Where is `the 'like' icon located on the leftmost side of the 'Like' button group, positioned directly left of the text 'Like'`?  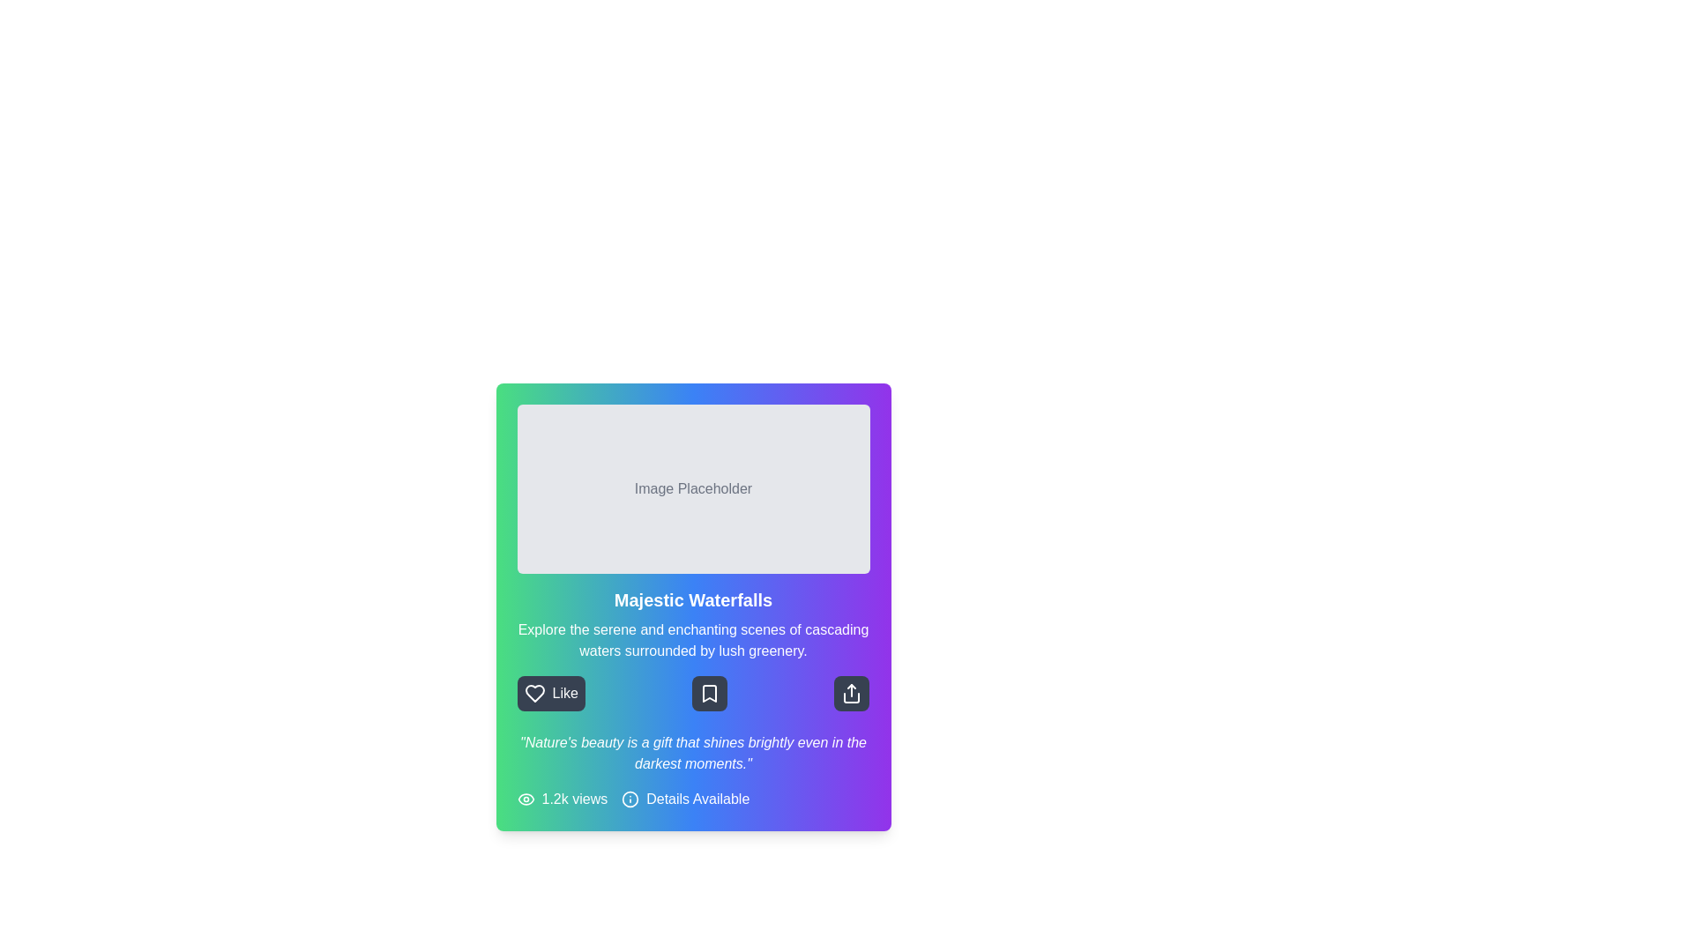
the 'like' icon located on the leftmost side of the 'Like' button group, positioned directly left of the text 'Like' is located at coordinates (533, 692).